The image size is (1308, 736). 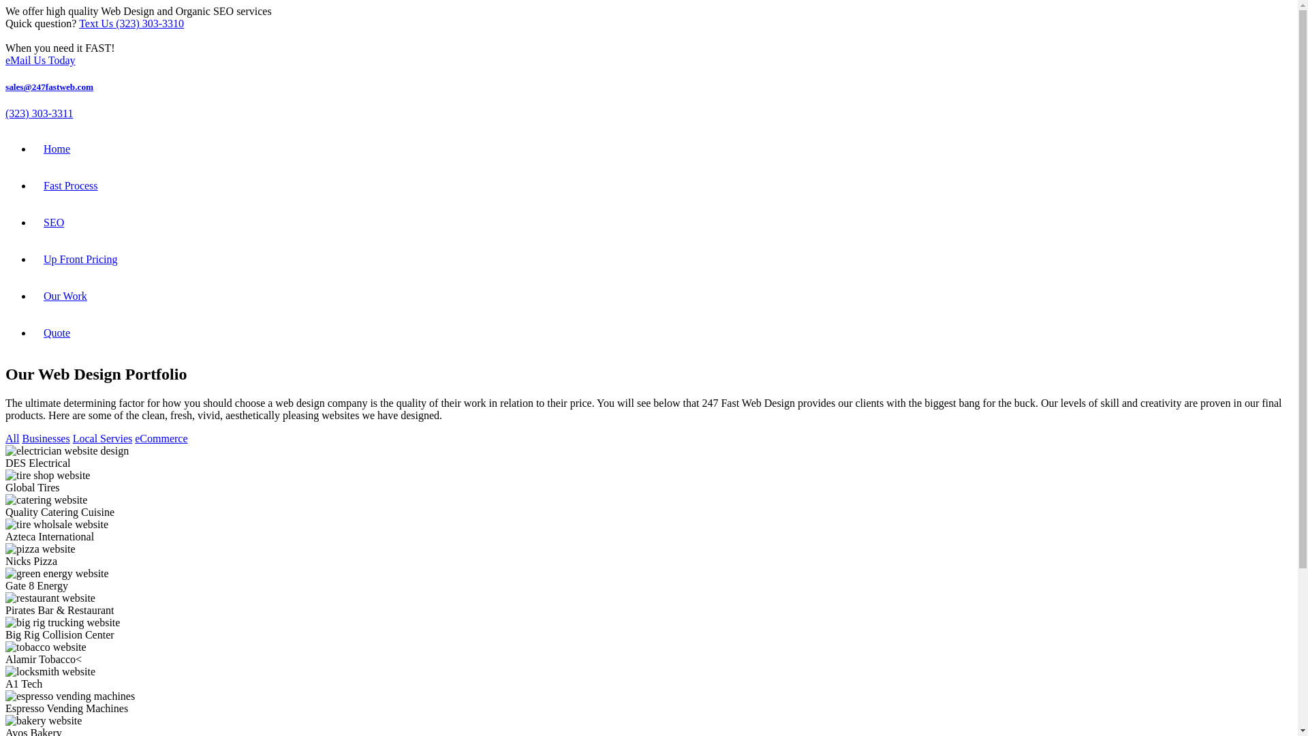 I want to click on 'Quote', so click(x=56, y=333).